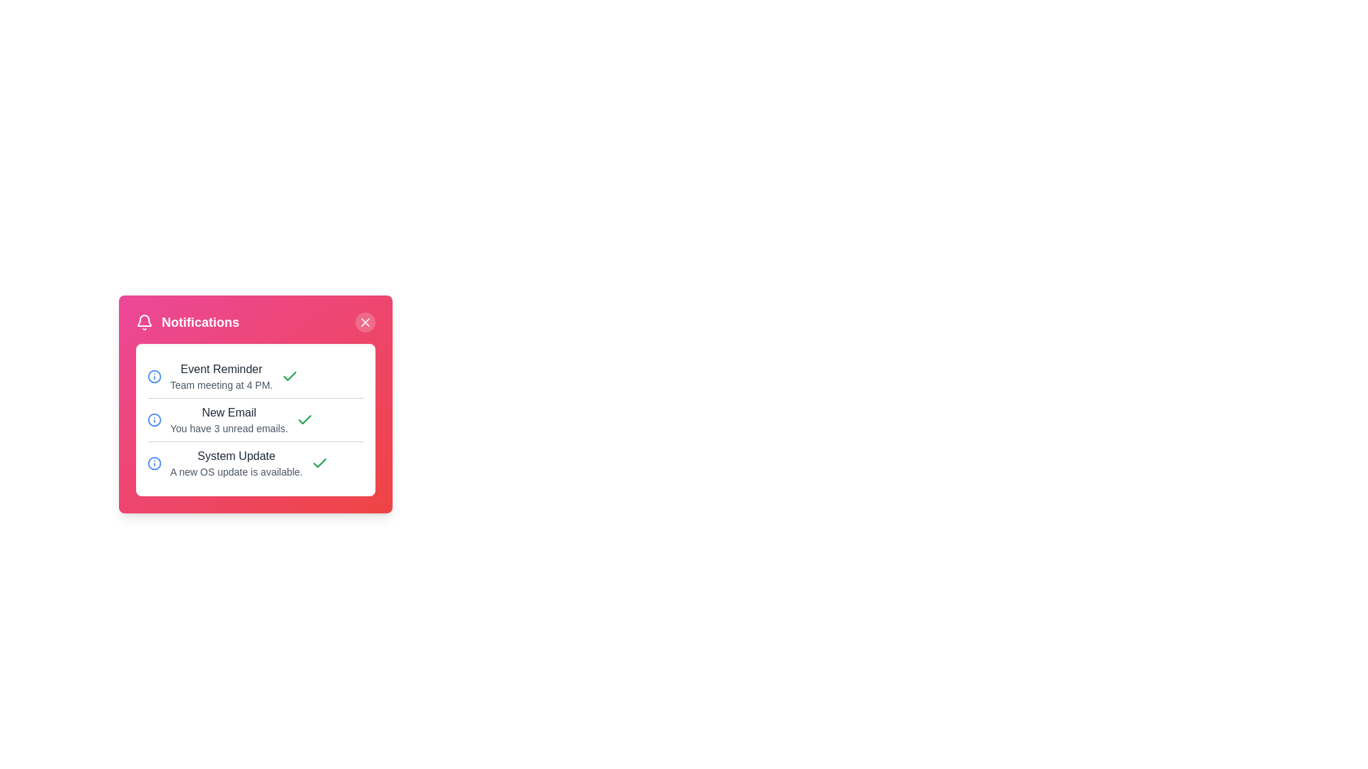 The image size is (1368, 769). Describe the element at coordinates (199, 322) in the screenshot. I see `text label styled as a heading located at the top-left corner of the notification card component to understand the card's purpose` at that location.